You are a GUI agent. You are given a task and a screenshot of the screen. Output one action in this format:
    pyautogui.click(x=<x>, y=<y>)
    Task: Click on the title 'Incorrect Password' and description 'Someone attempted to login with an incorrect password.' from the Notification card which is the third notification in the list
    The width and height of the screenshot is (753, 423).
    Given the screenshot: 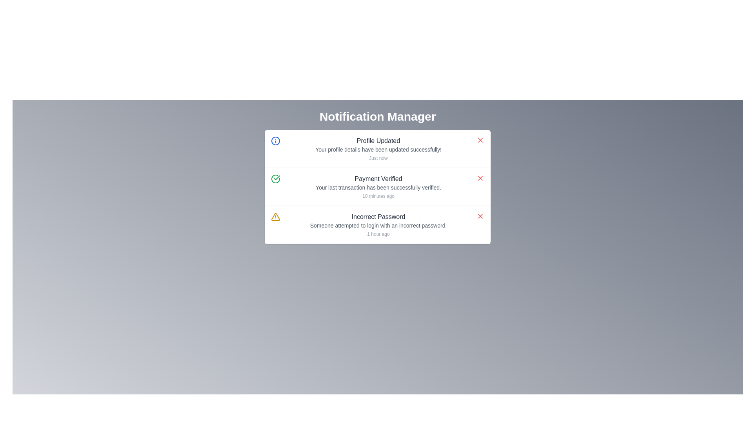 What is the action you would take?
    pyautogui.click(x=378, y=225)
    